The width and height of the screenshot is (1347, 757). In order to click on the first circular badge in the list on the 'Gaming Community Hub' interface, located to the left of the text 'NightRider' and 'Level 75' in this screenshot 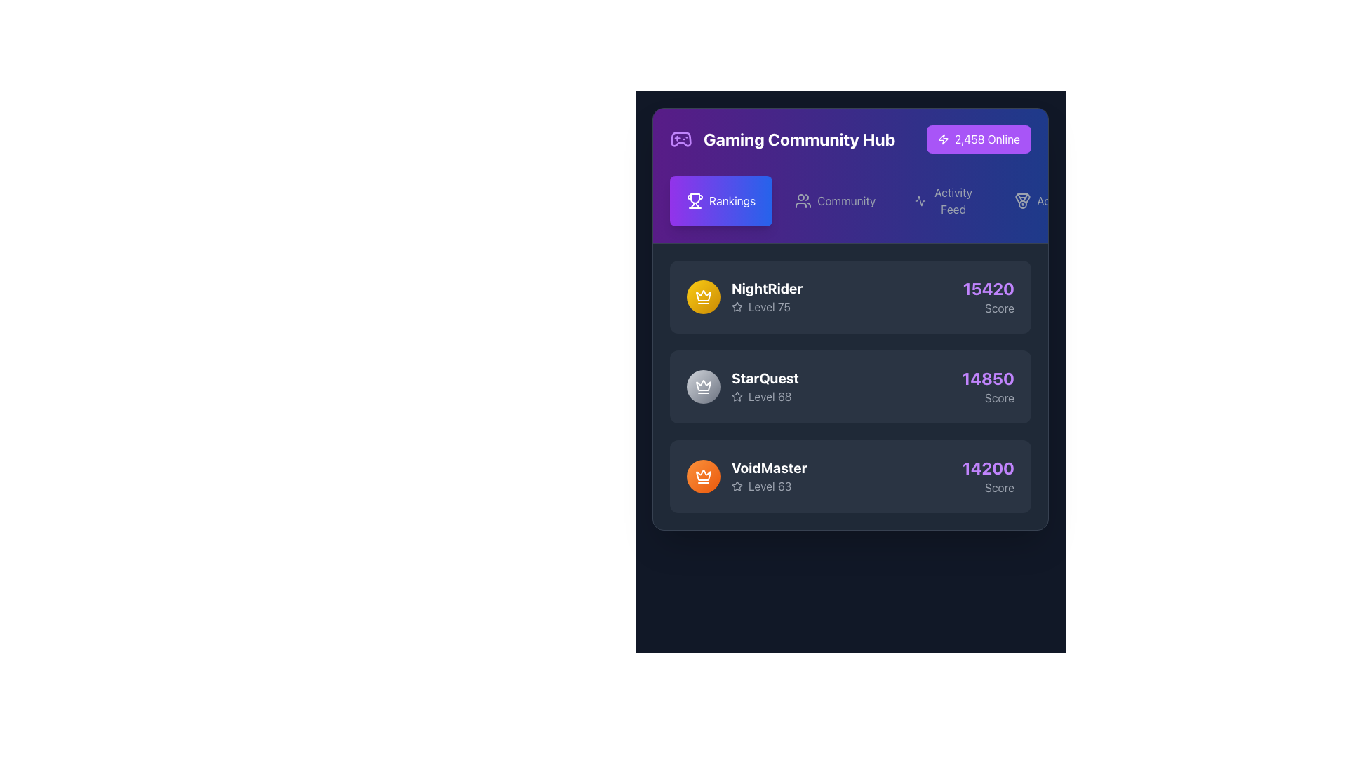, I will do `click(704, 296)`.